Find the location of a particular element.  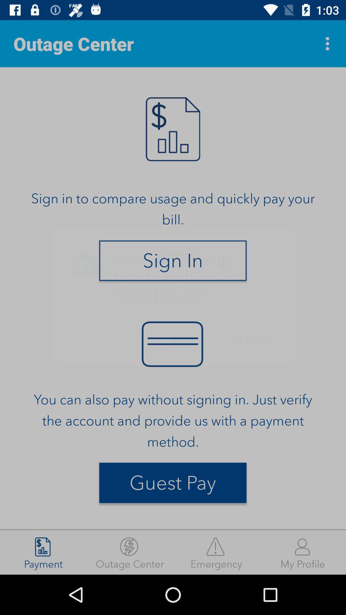

my profile is located at coordinates (303, 552).